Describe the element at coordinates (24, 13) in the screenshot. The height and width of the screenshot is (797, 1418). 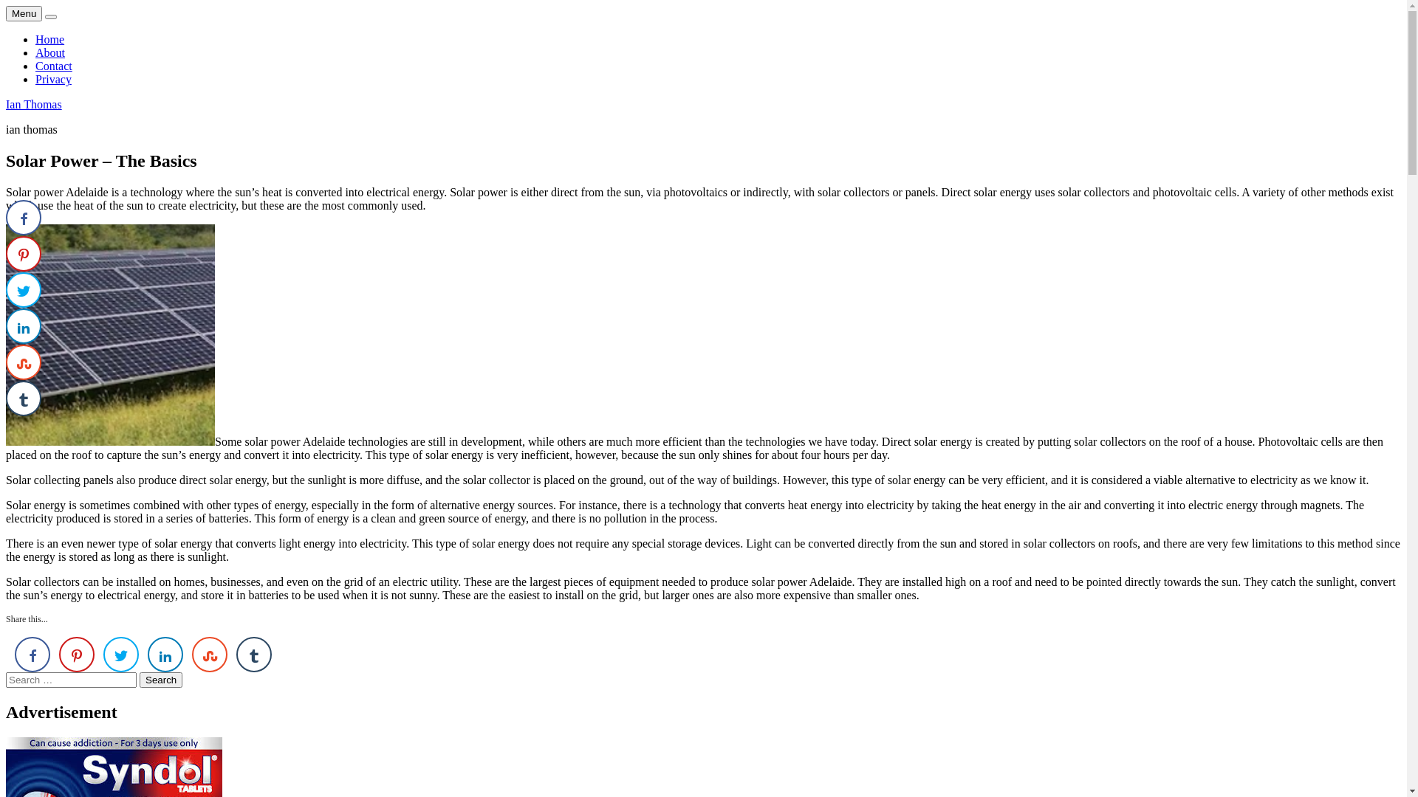
I see `'Menu'` at that location.